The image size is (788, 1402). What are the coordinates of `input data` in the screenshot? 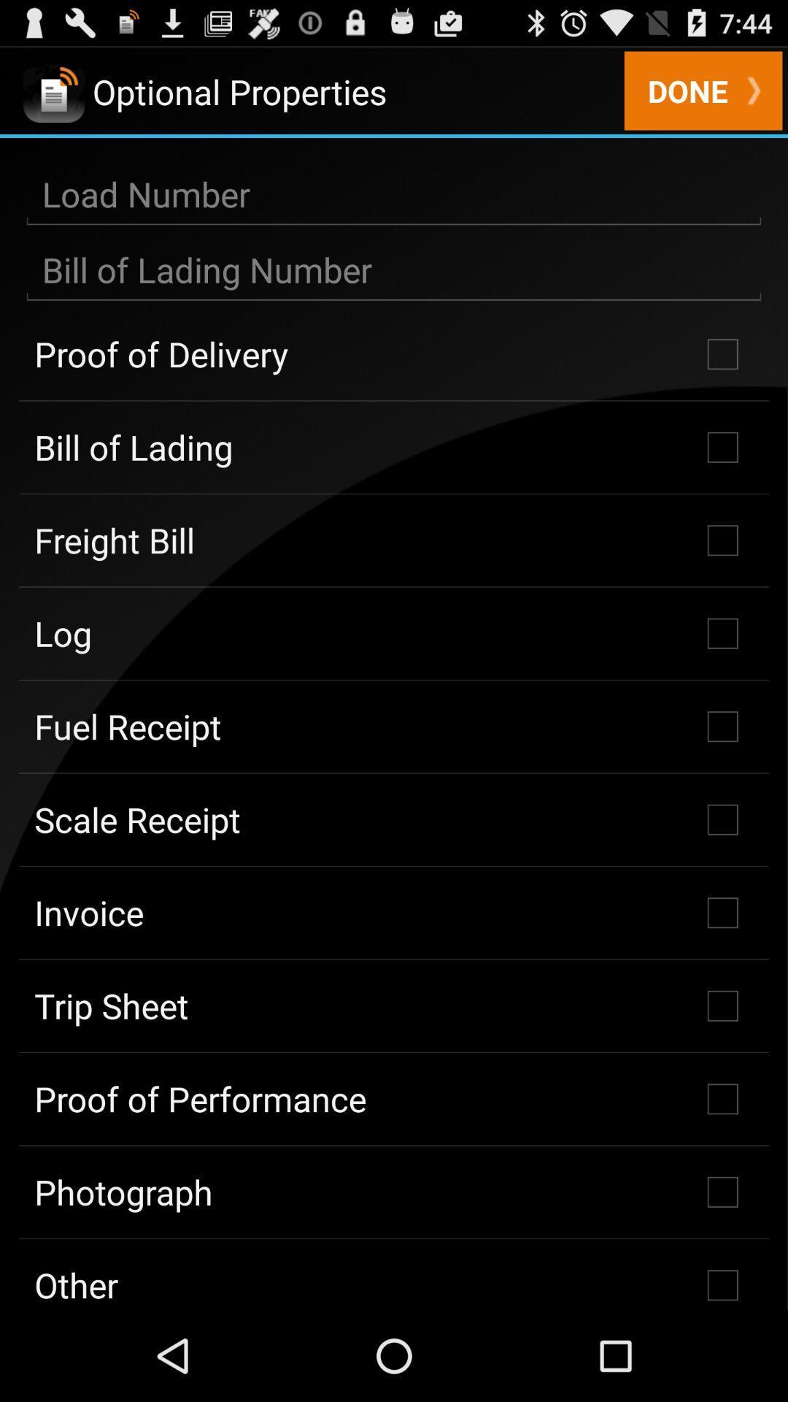 It's located at (394, 194).